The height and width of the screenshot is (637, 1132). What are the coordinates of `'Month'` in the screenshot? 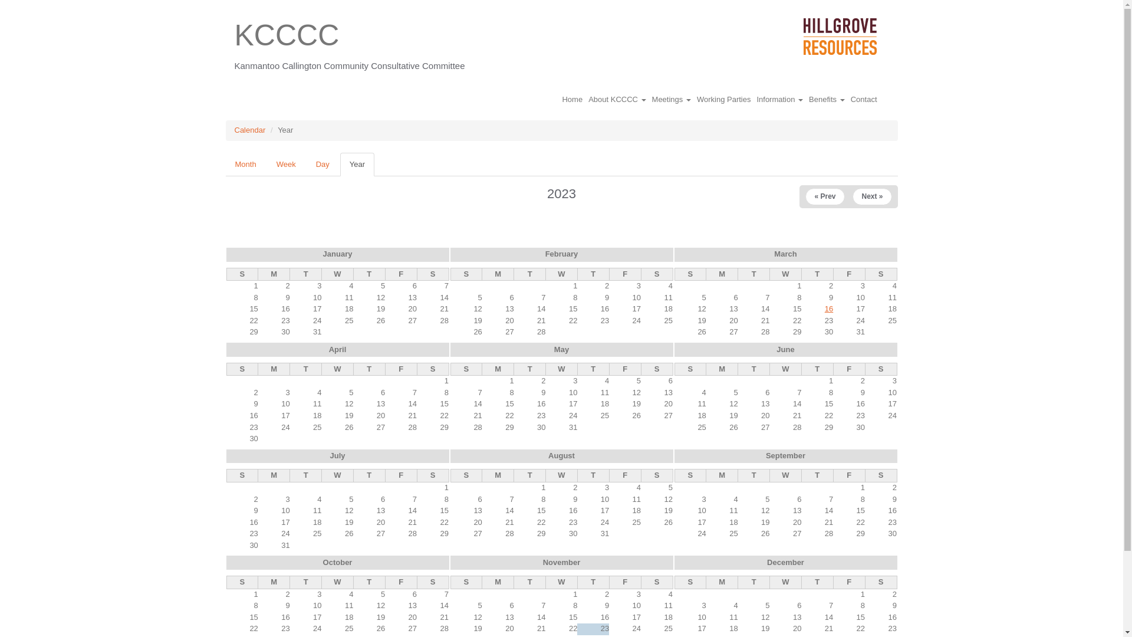 It's located at (225, 165).